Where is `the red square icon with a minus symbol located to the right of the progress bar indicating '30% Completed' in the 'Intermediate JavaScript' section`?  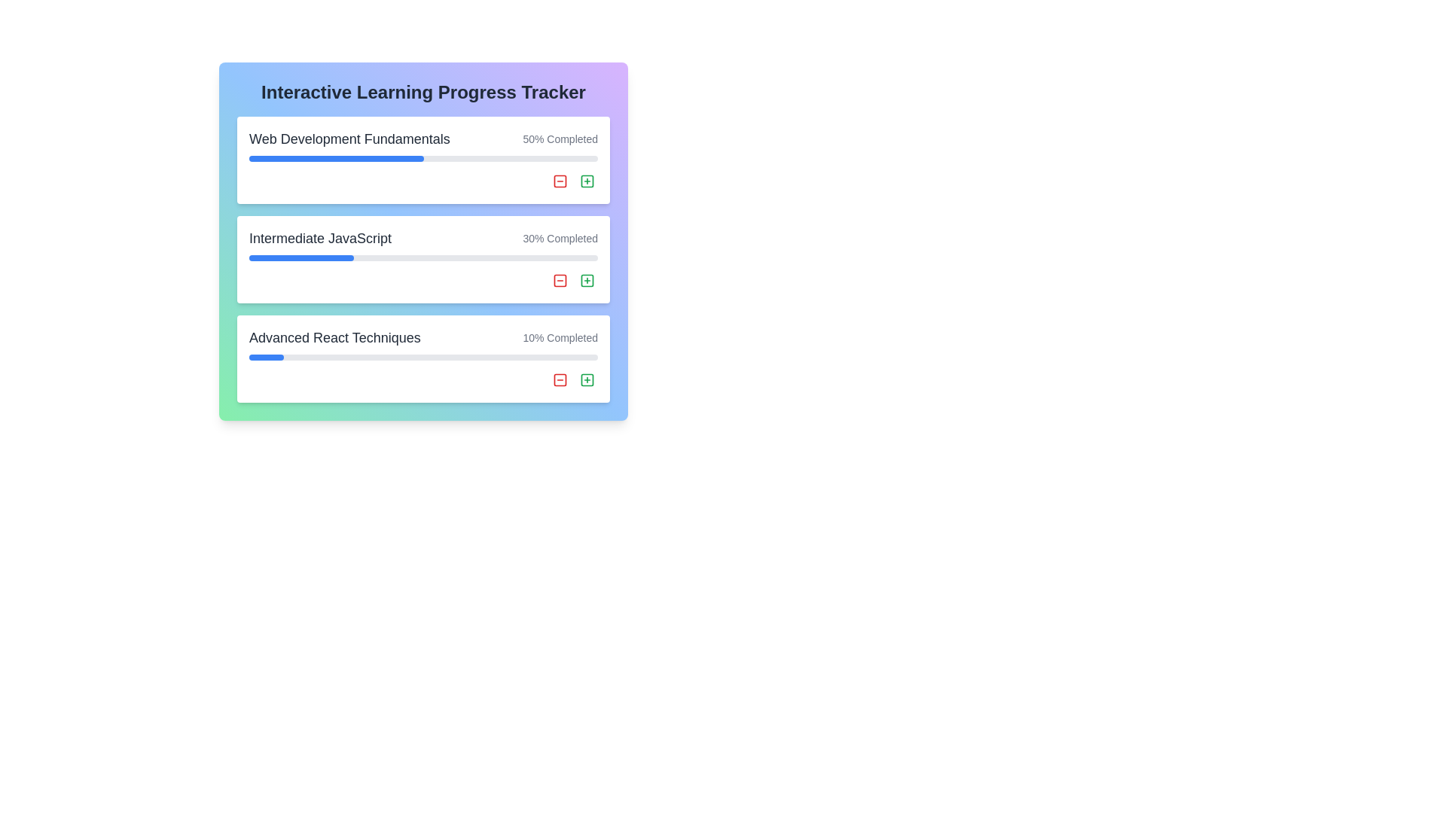 the red square icon with a minus symbol located to the right of the progress bar indicating '30% Completed' in the 'Intermediate JavaScript' section is located at coordinates (560, 281).